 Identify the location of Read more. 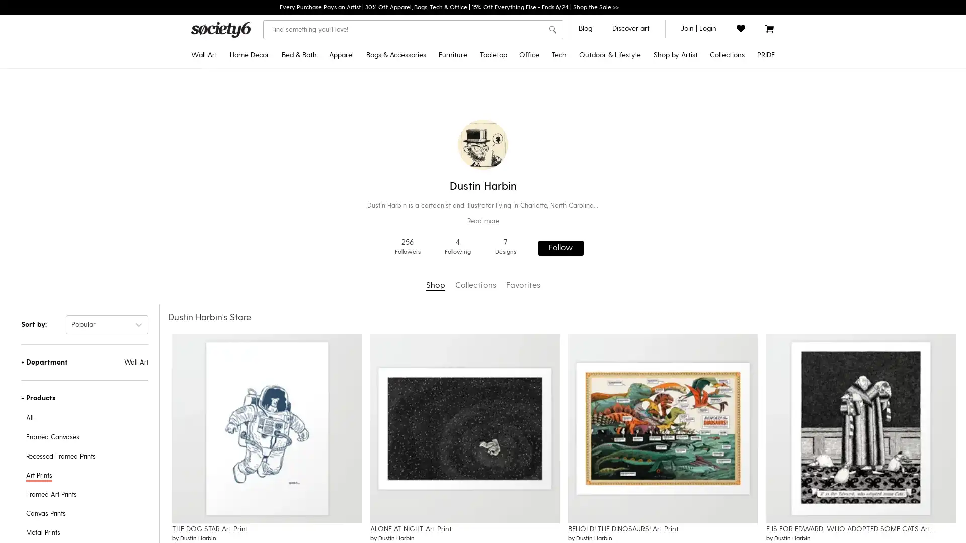
(483, 221).